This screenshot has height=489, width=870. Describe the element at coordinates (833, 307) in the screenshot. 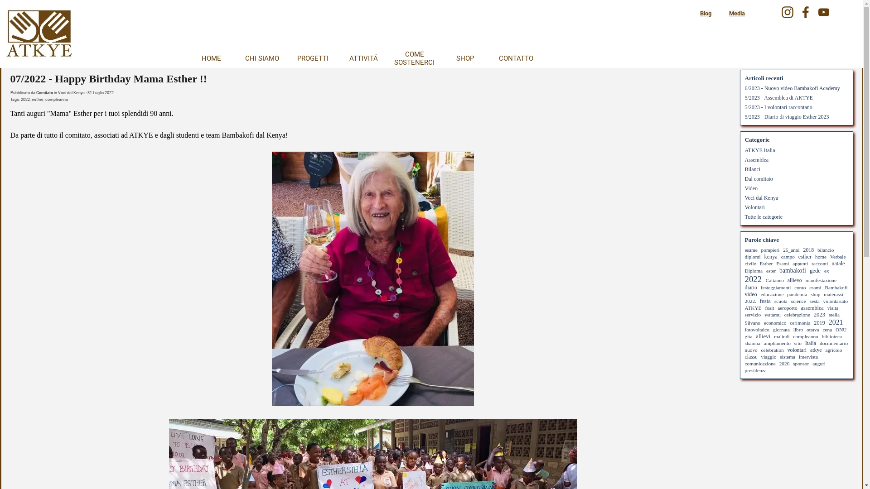

I see `'visita'` at that location.